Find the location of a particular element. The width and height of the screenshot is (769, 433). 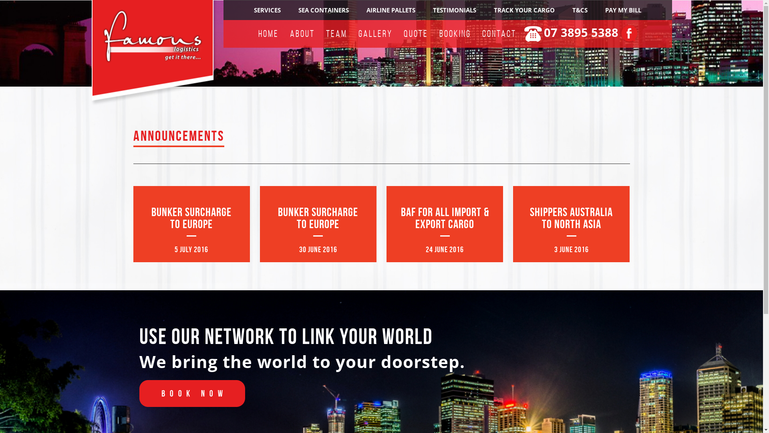

'24 JUNE 2016' is located at coordinates (444, 247).